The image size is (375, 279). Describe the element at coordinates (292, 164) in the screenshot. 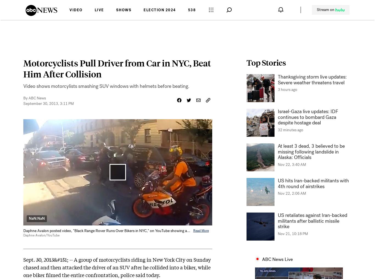

I see `'Nov 22, 3:40 AM'` at that location.